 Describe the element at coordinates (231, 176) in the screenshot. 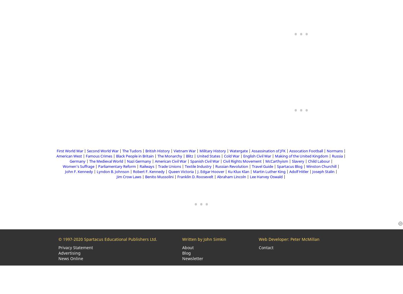

I see `'Abraham Lincoln'` at that location.